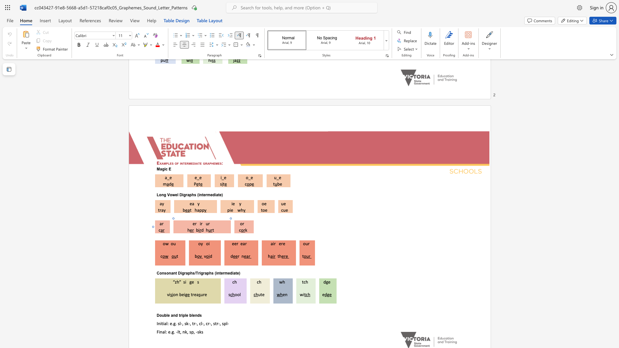 Image resolution: width=619 pixels, height=348 pixels. What do you see at coordinates (236, 244) in the screenshot?
I see `the space between the continuous character "e" and "r" in the text` at bounding box center [236, 244].